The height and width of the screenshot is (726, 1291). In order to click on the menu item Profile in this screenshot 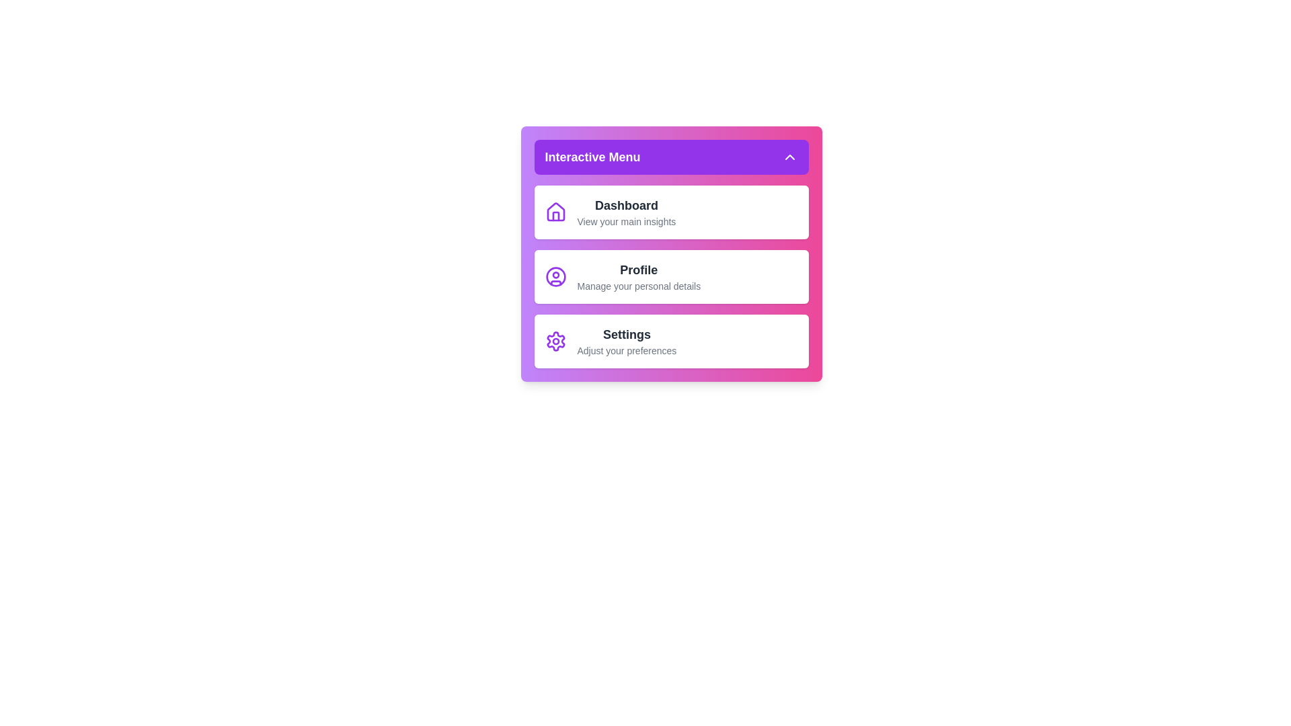, I will do `click(671, 276)`.